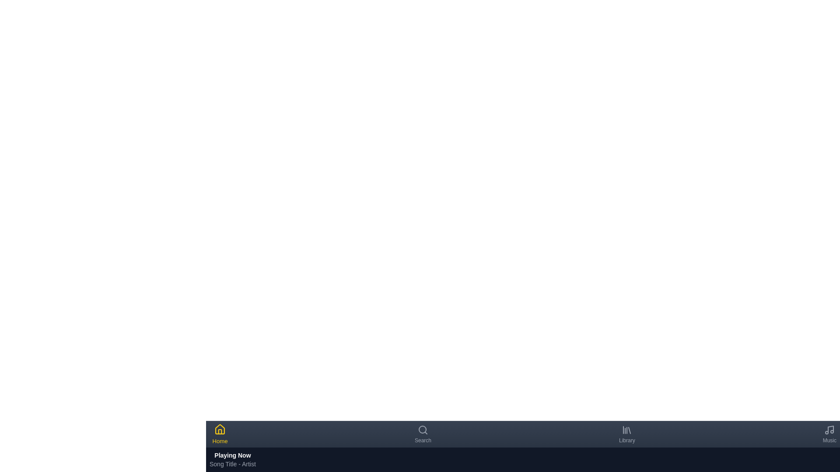 The image size is (840, 472). I want to click on the Music navigation tab, so click(829, 434).